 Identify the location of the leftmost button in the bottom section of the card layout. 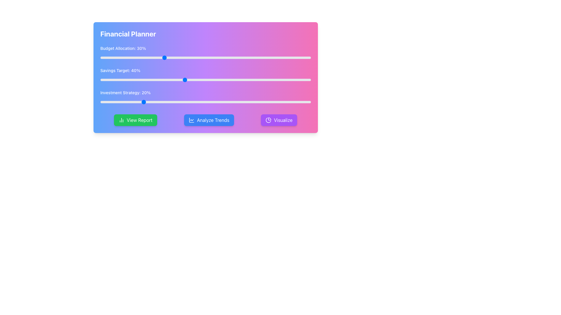
(139, 120).